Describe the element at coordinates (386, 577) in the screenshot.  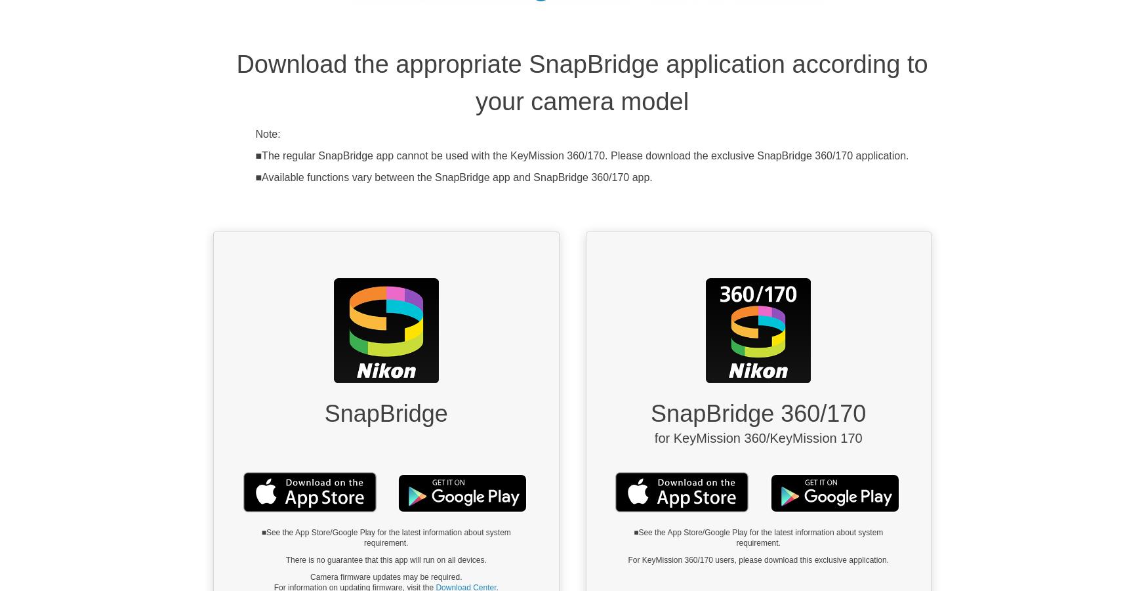
I see `'Camera firmware updates may be required.'` at that location.